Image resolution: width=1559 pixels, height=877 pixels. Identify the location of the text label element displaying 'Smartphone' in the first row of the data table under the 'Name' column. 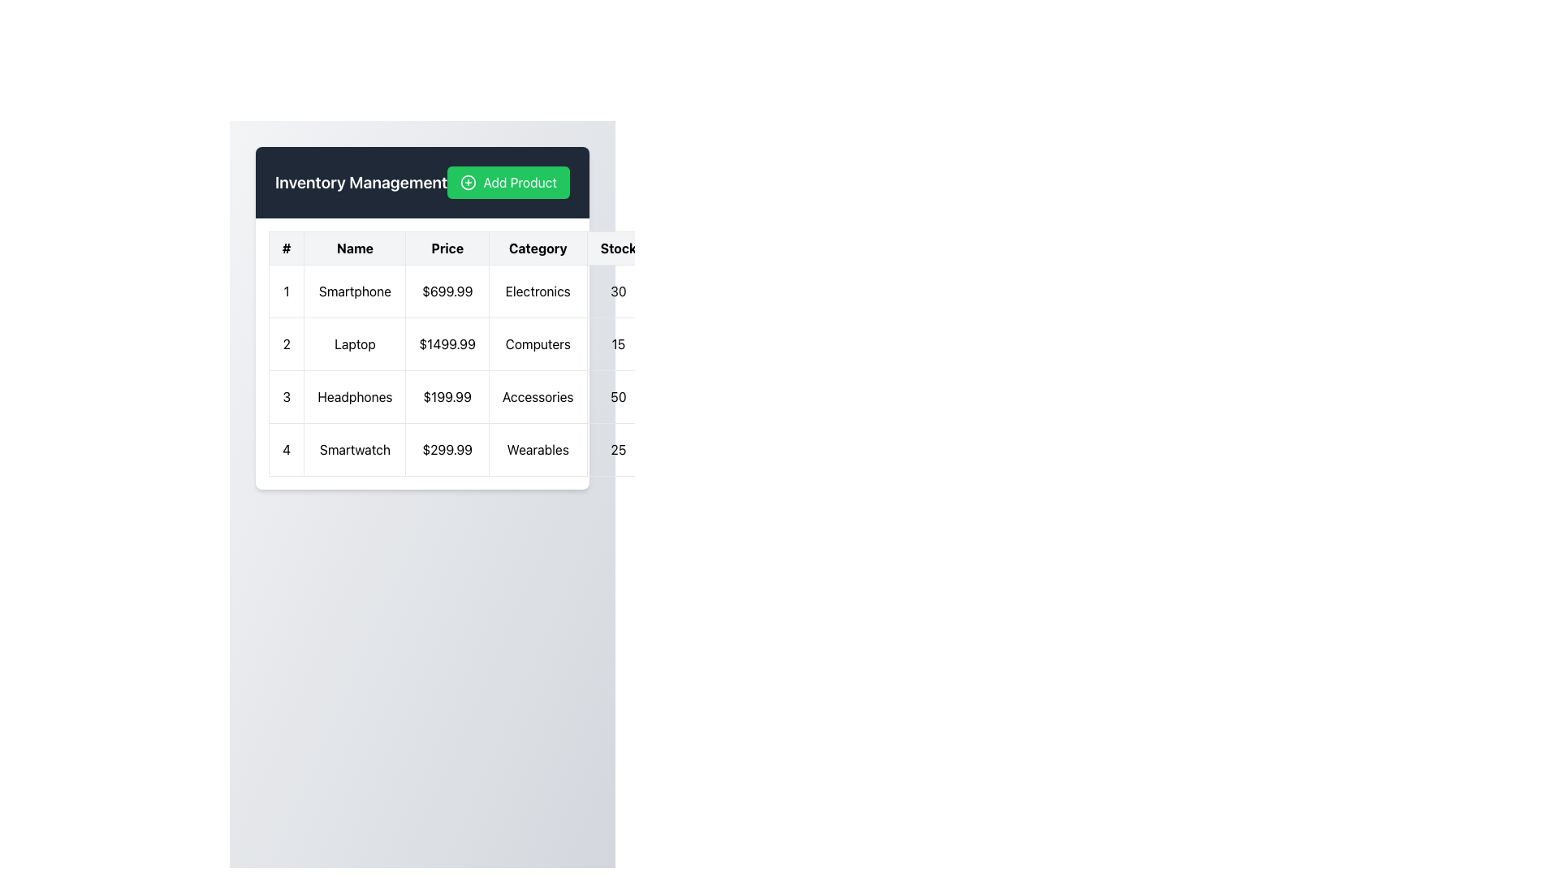
(354, 290).